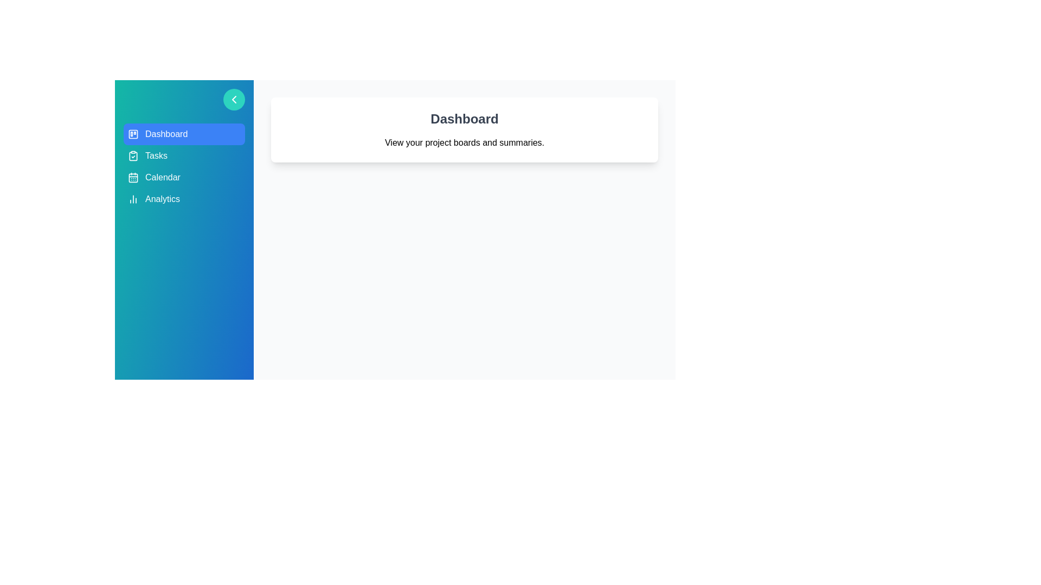 This screenshot has width=1041, height=585. I want to click on the SVG rectangle with rounded corners located next to the 'Dashboard' label in the navigation panel, so click(132, 133).